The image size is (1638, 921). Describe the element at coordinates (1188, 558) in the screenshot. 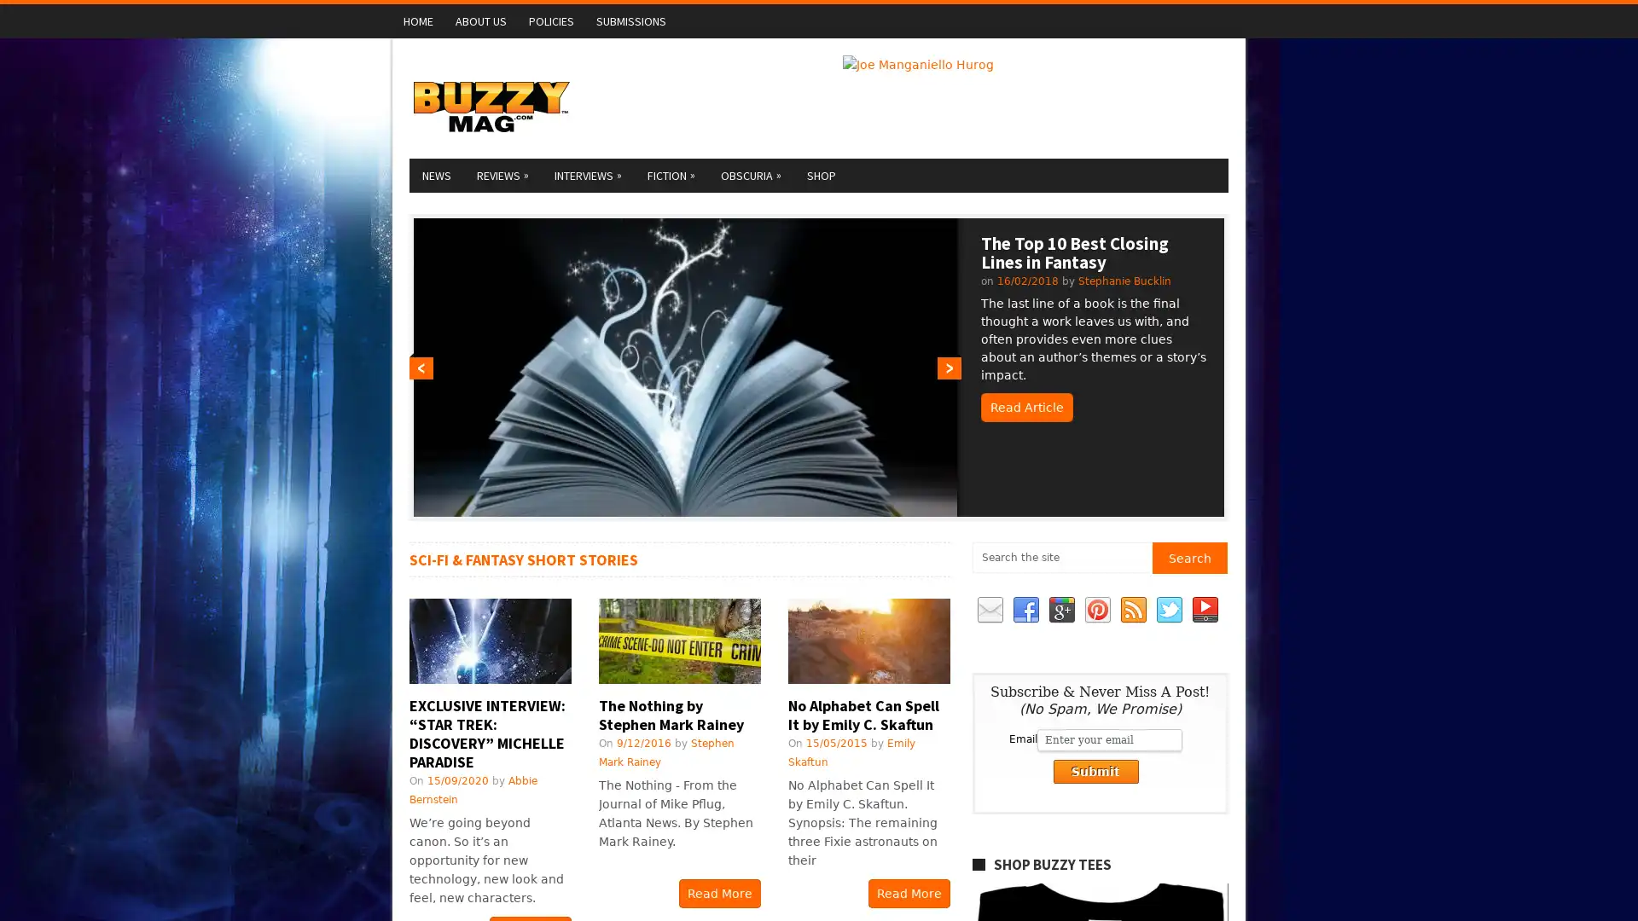

I see `Search` at that location.